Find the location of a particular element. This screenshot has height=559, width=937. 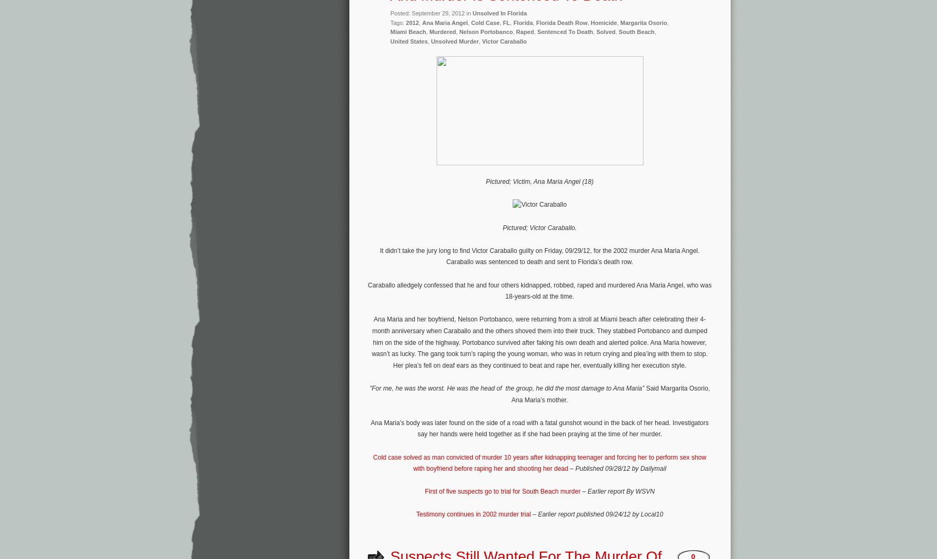

'Homicide' is located at coordinates (604, 22).